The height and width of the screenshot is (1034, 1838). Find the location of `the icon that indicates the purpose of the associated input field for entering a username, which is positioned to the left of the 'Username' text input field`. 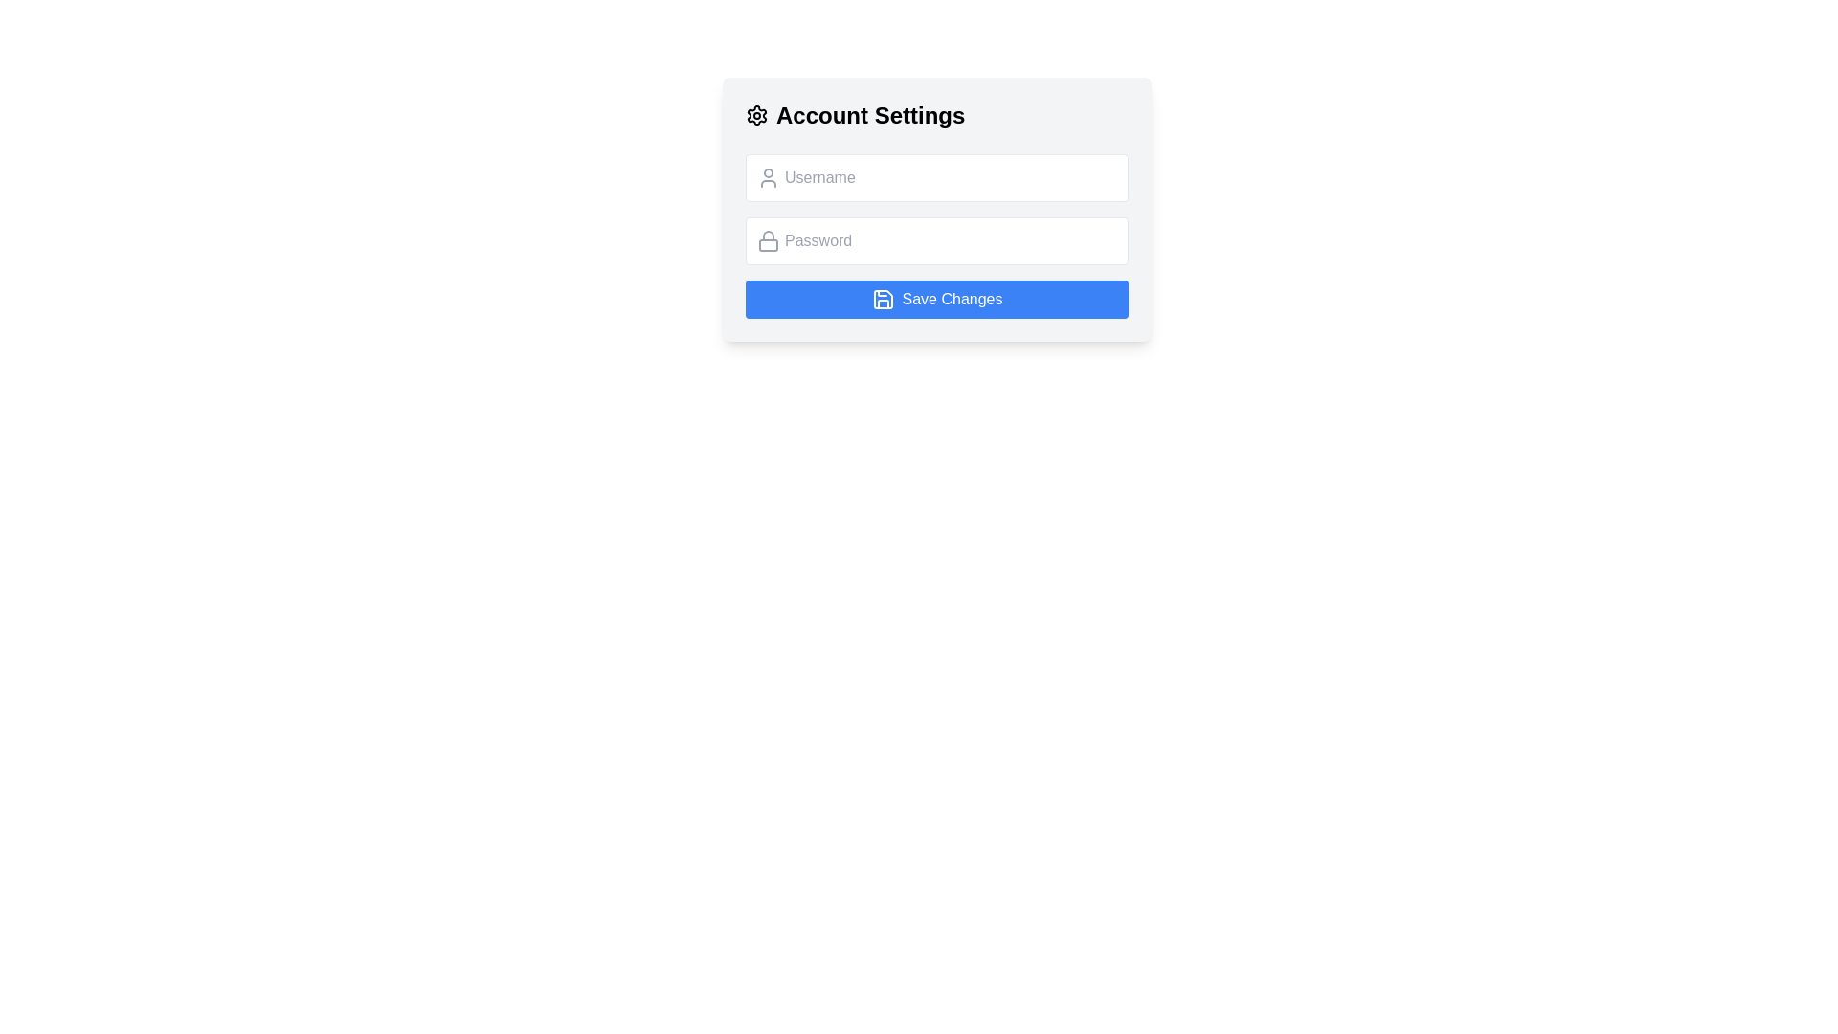

the icon that indicates the purpose of the associated input field for entering a username, which is positioned to the left of the 'Username' text input field is located at coordinates (768, 177).